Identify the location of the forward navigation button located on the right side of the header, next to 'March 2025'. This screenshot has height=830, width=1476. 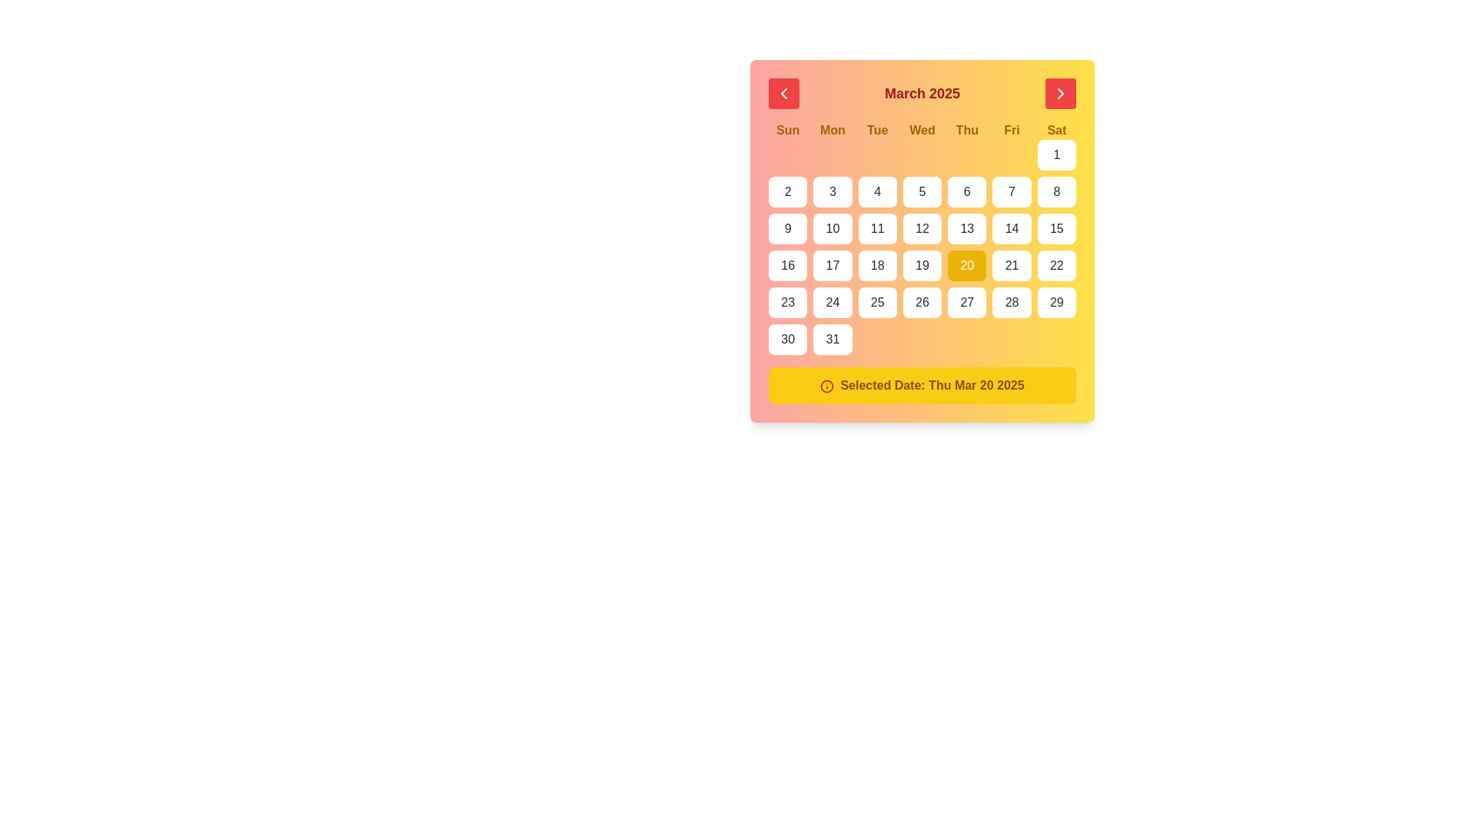
(1060, 94).